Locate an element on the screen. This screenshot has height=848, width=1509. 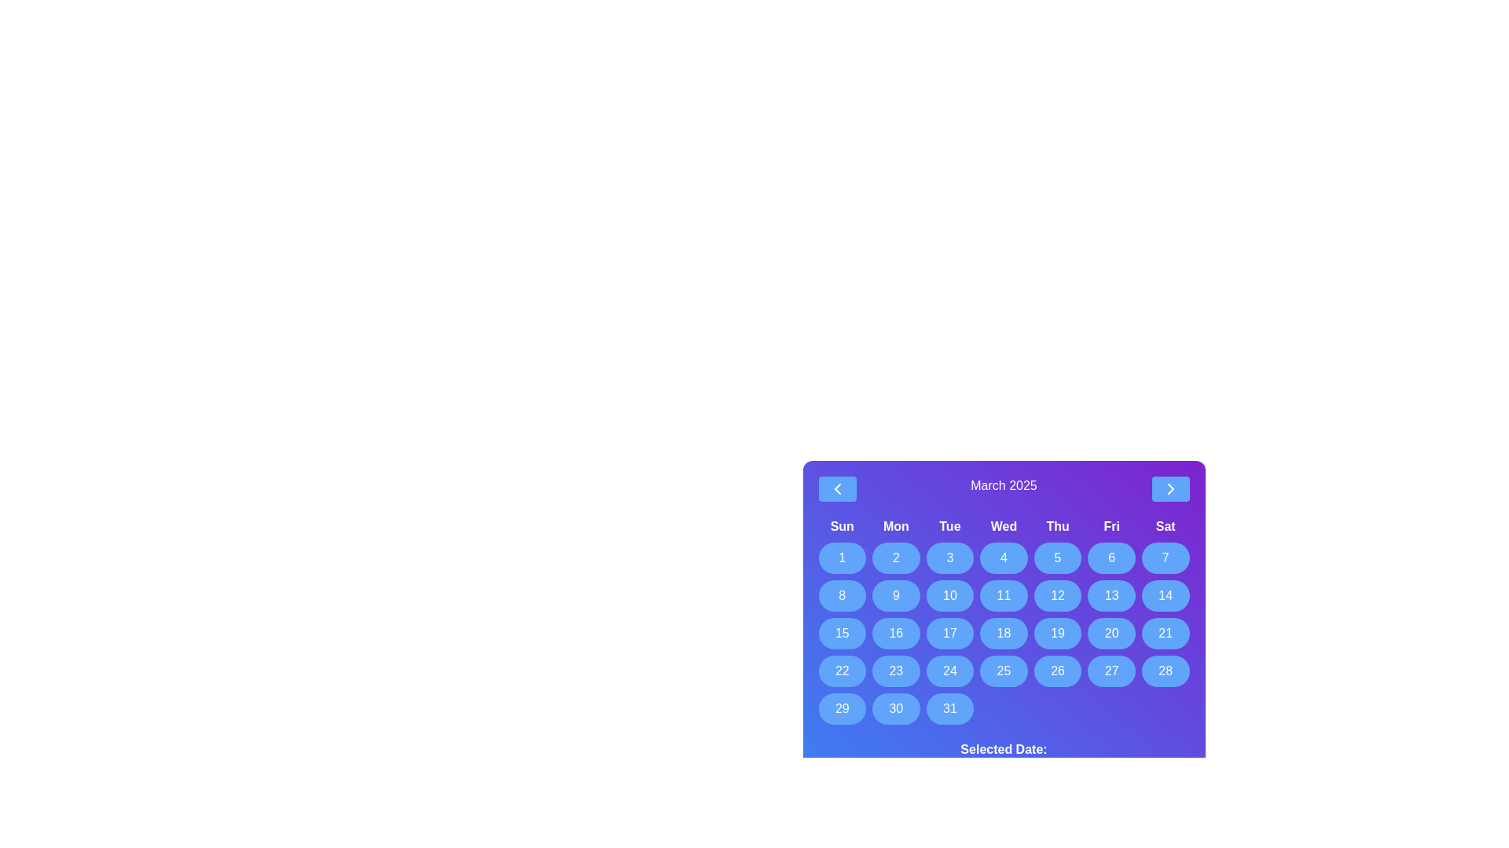
the circular button displaying the number '10' in white on a blue background, located in the second row and third column of the calendar grid view is located at coordinates (949, 596).